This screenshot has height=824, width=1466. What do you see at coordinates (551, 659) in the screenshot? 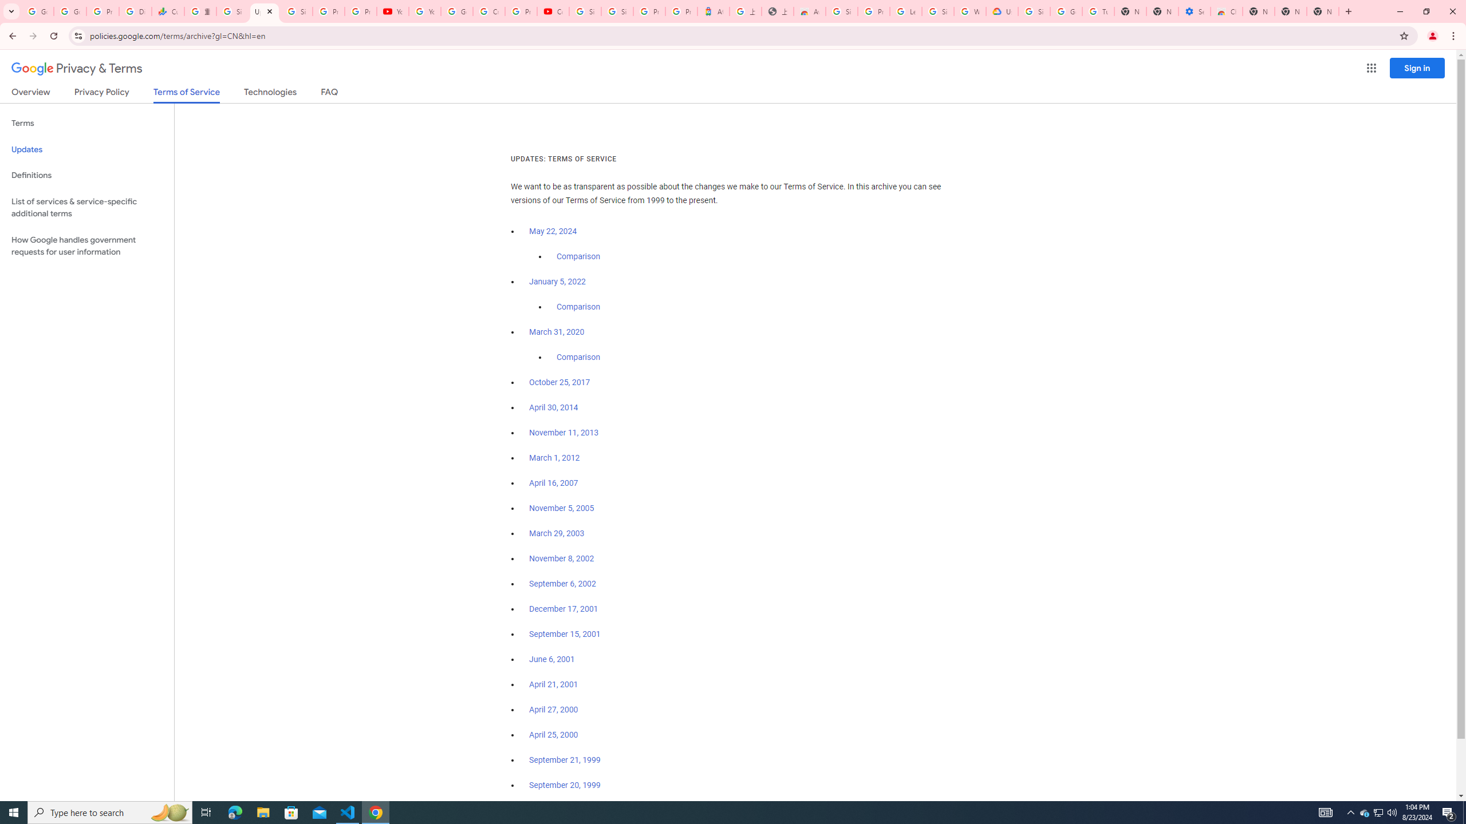
I see `'June 6, 2001'` at bounding box center [551, 659].